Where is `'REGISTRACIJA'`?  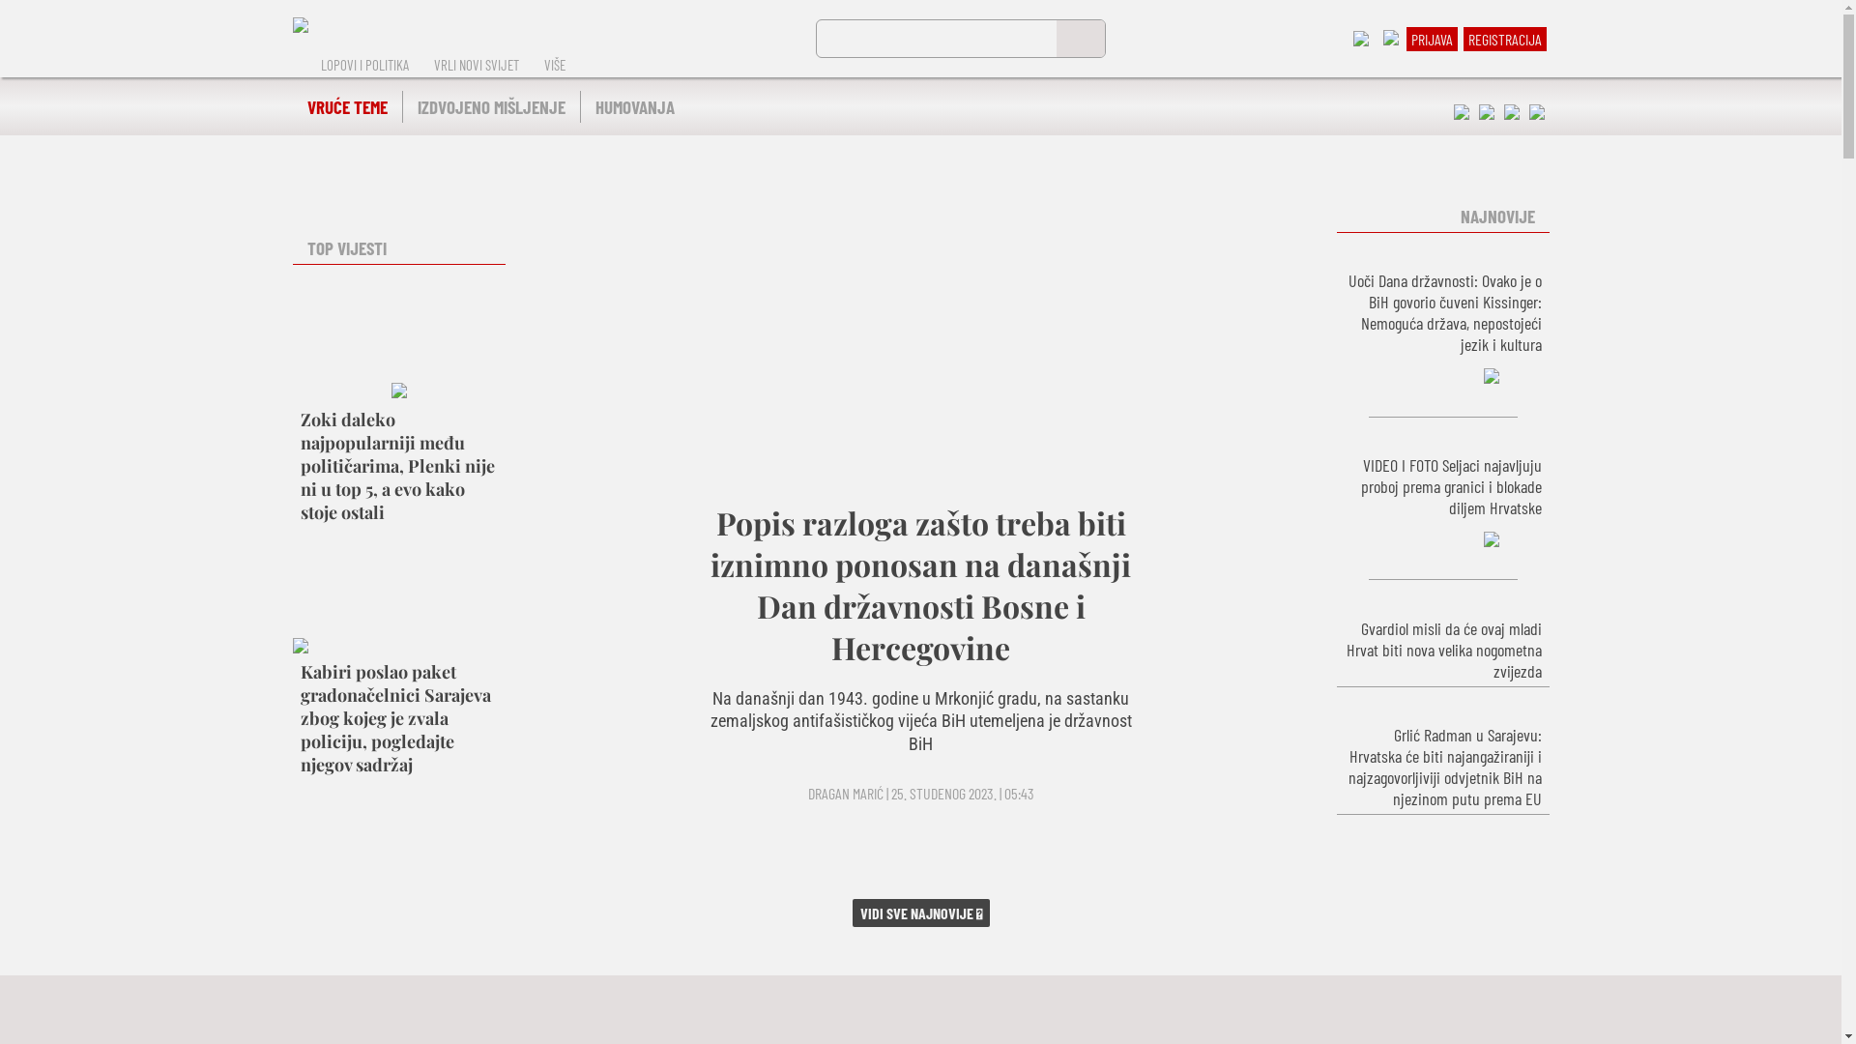 'REGISTRACIJA' is located at coordinates (1502, 39).